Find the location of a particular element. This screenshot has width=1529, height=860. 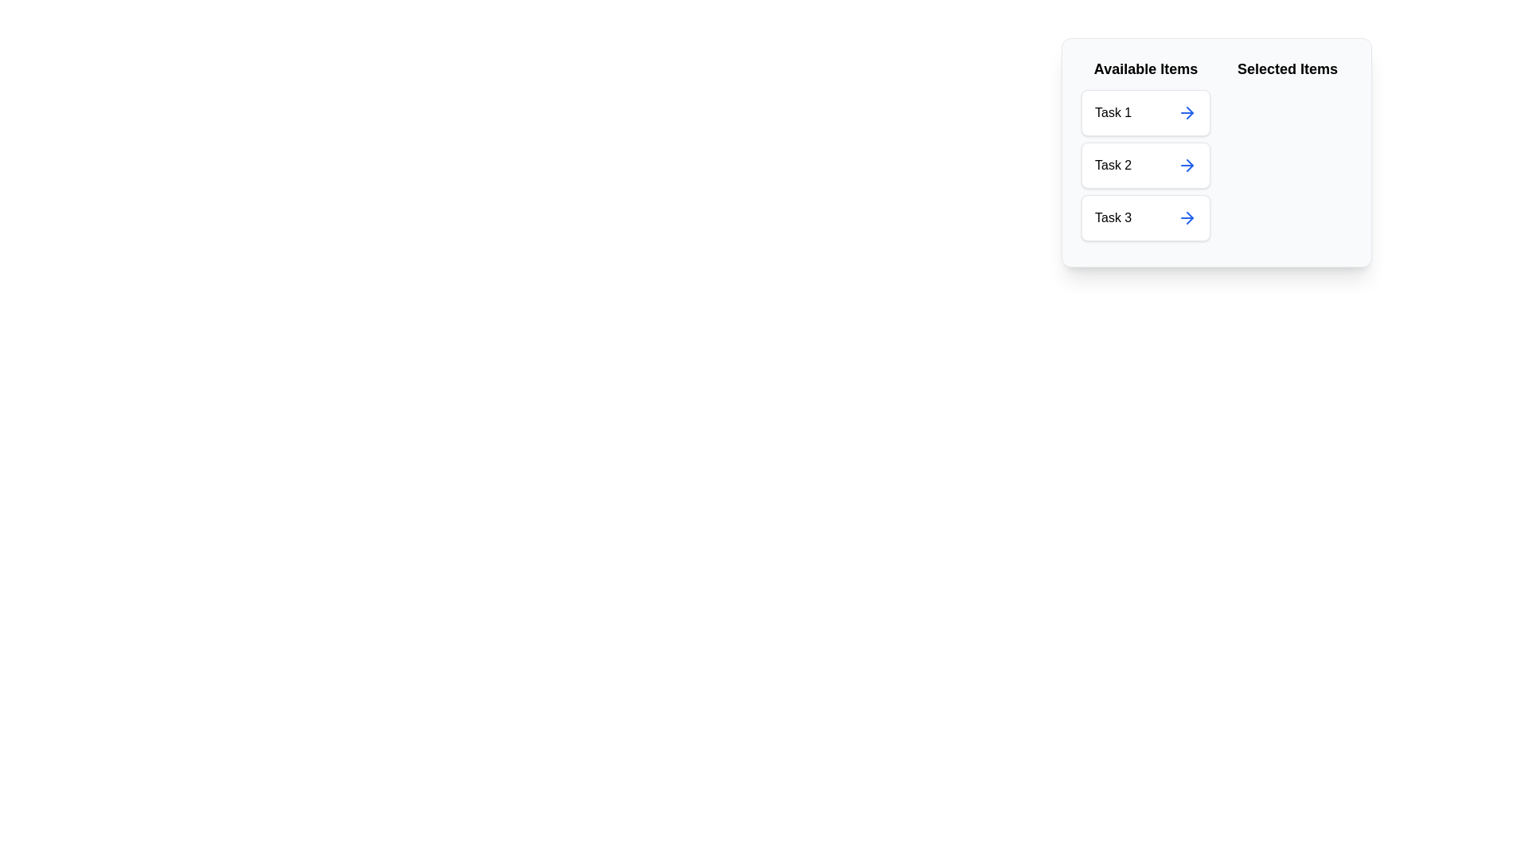

the List item representing 'Task 2' is located at coordinates (1145, 166).